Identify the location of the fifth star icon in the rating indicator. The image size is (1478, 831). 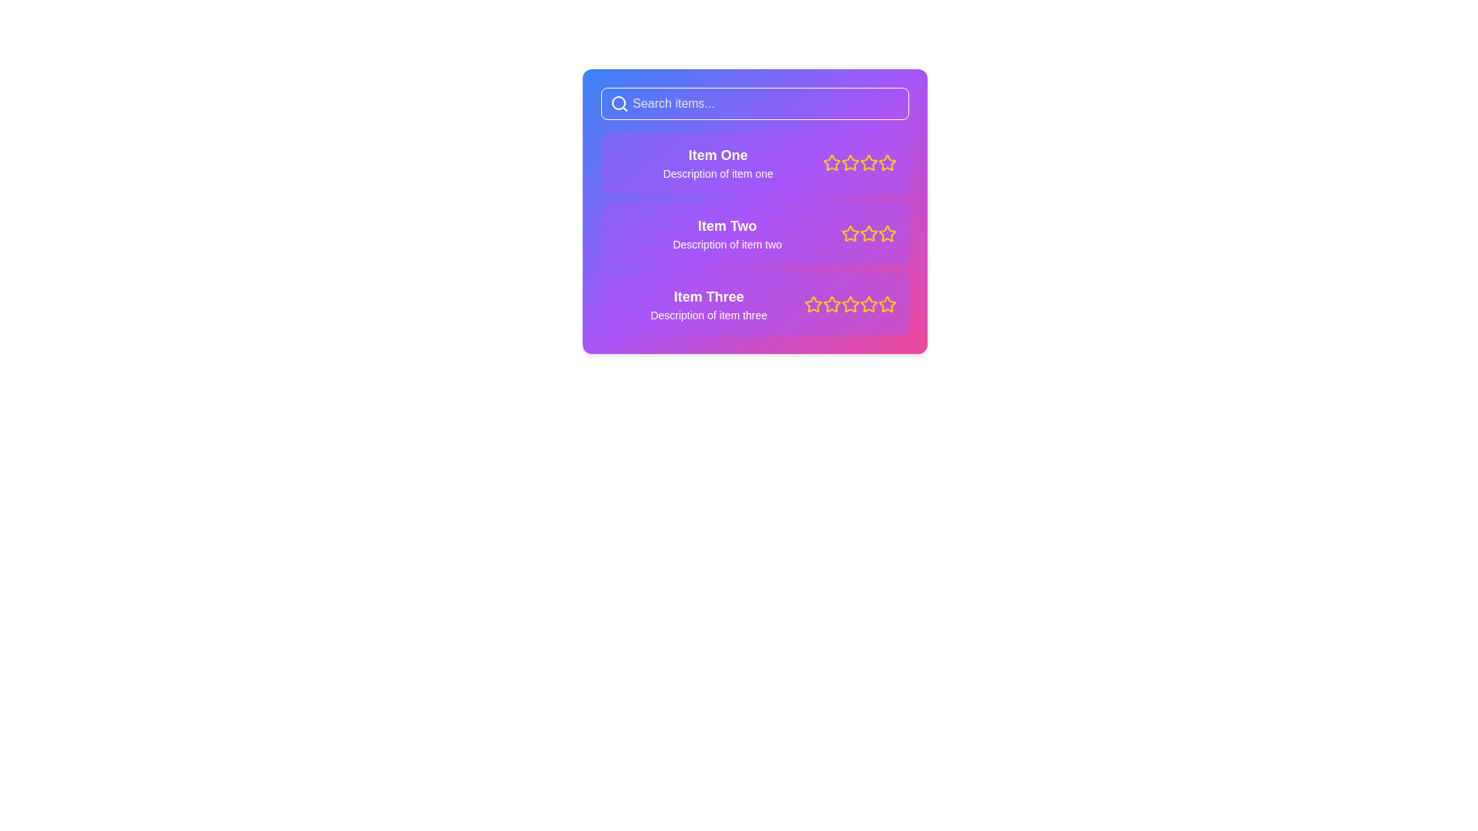
(887, 162).